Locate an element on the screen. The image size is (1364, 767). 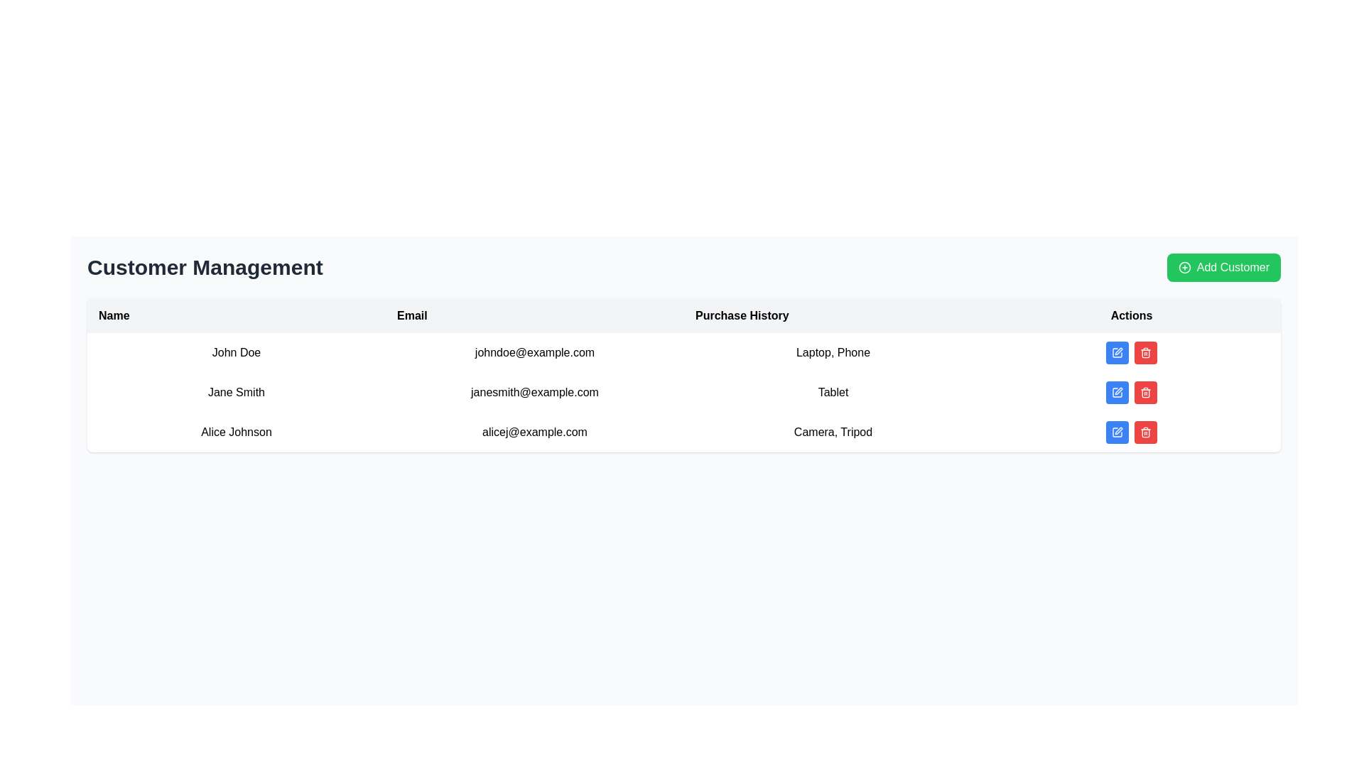
the text display that shows 'Laptop, Phone' in the third column of the first row under the 'Purchase History' section, adjacent to 'johndoe@example.com' is located at coordinates (833, 352).